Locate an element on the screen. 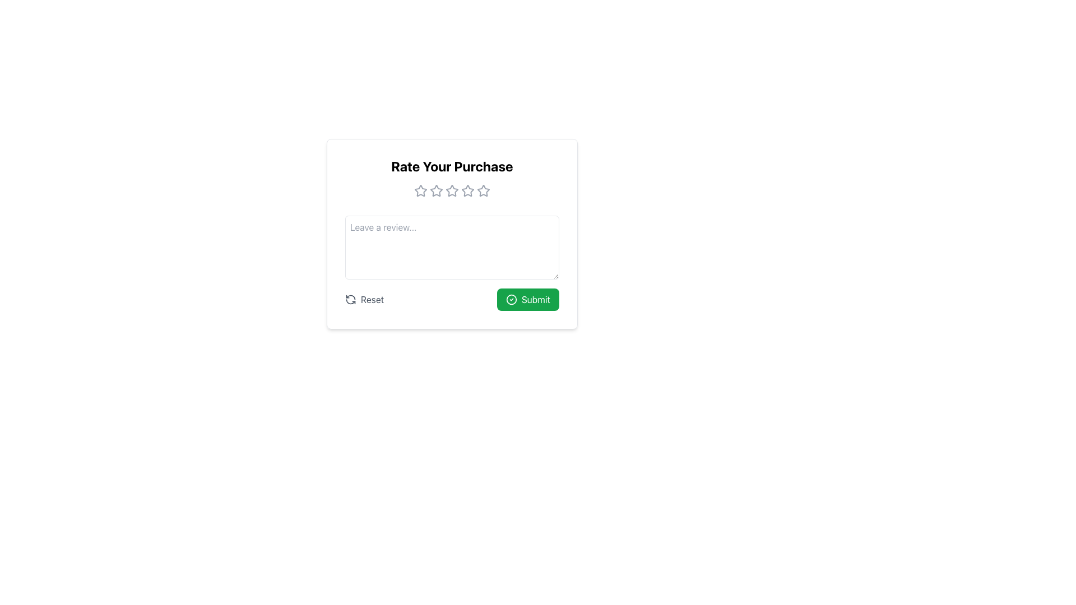 This screenshot has height=605, width=1076. the 'Reset' icon located in the bottom-left section of the modal to receive feedback is located at coordinates (350, 299).